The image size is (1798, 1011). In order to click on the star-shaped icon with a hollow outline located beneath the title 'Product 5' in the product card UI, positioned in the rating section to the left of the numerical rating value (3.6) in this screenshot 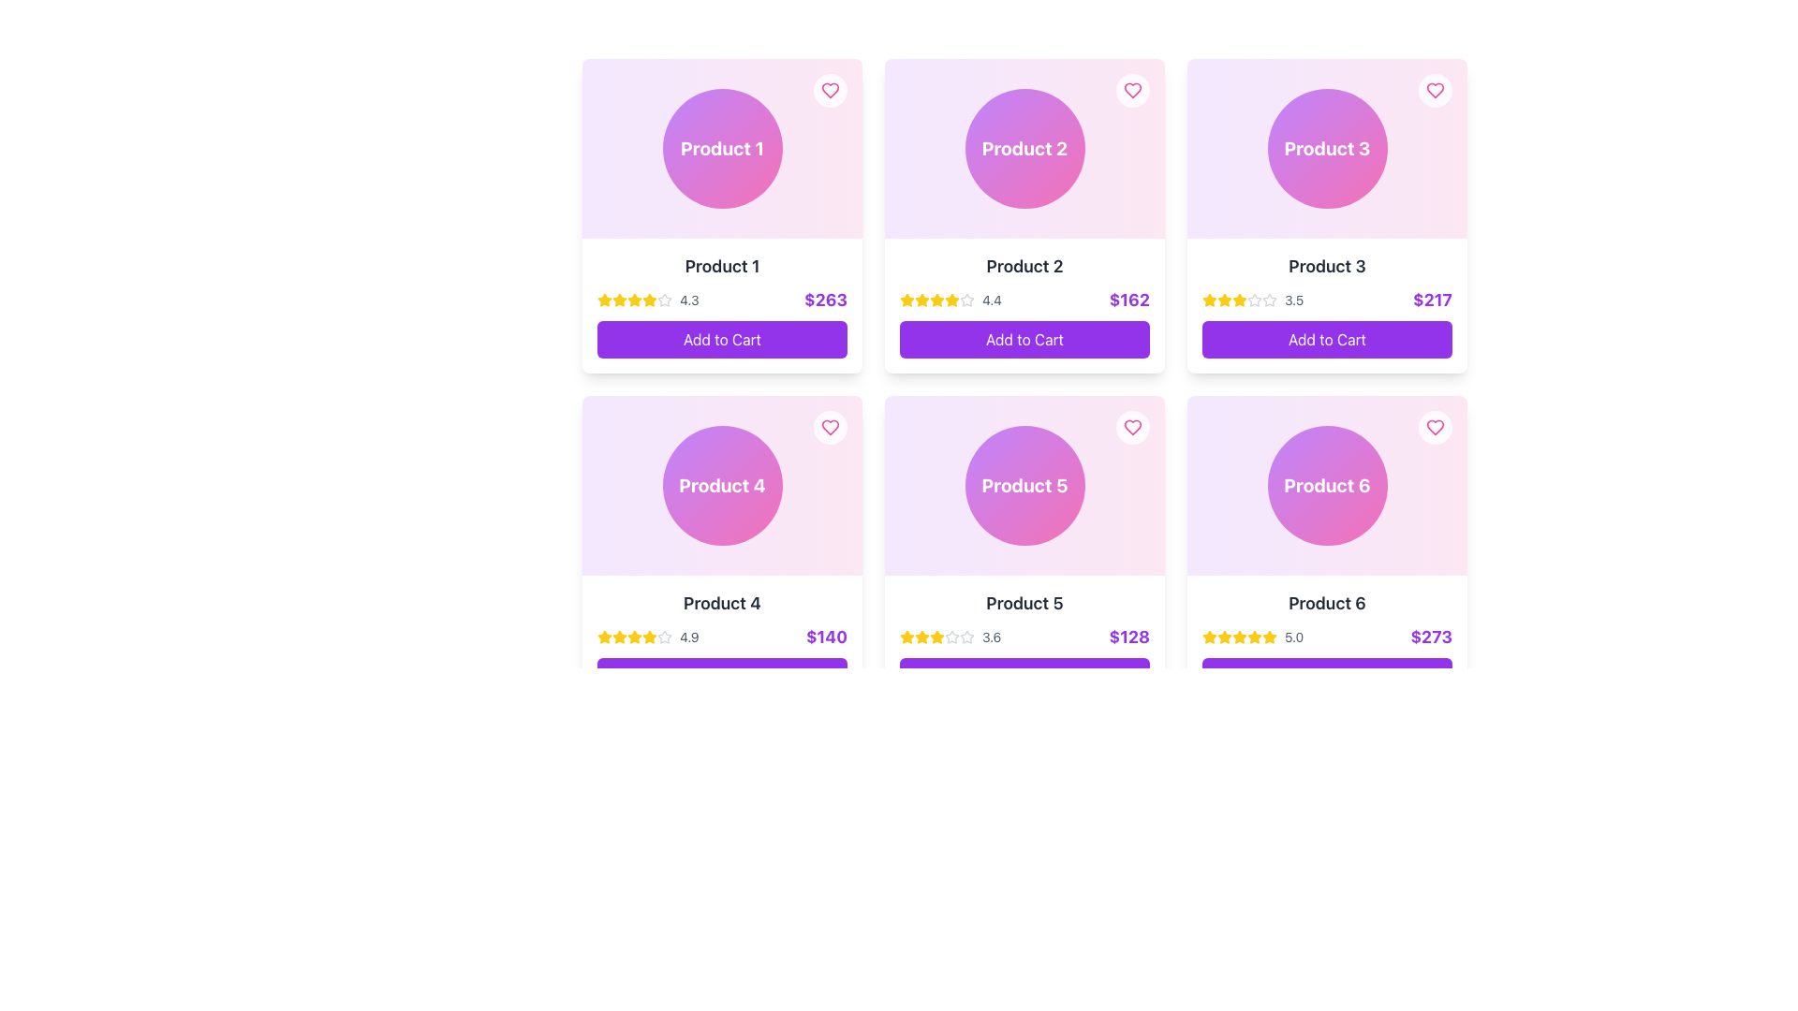, I will do `click(966, 636)`.